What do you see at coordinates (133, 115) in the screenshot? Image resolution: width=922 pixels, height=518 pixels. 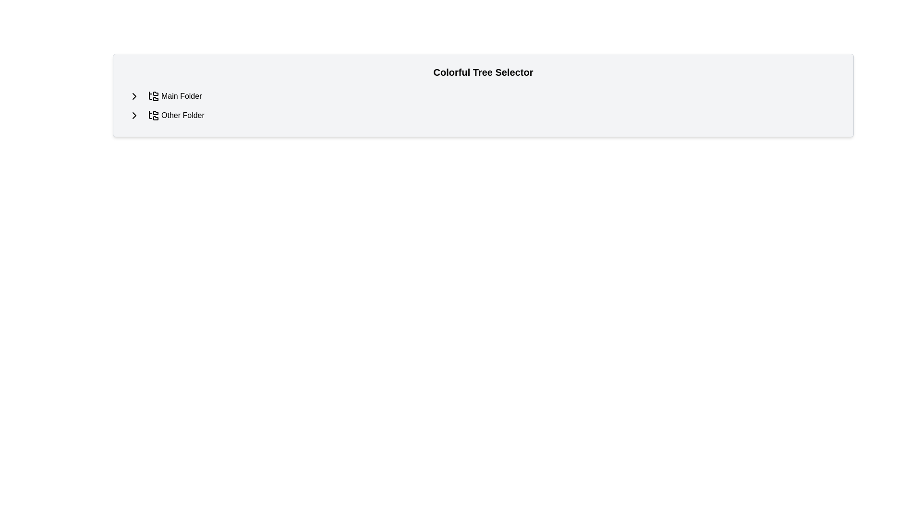 I see `the right-pointing arrow icon button, which is located to the left of the 'Other Folder' text in the folder tree list` at bounding box center [133, 115].